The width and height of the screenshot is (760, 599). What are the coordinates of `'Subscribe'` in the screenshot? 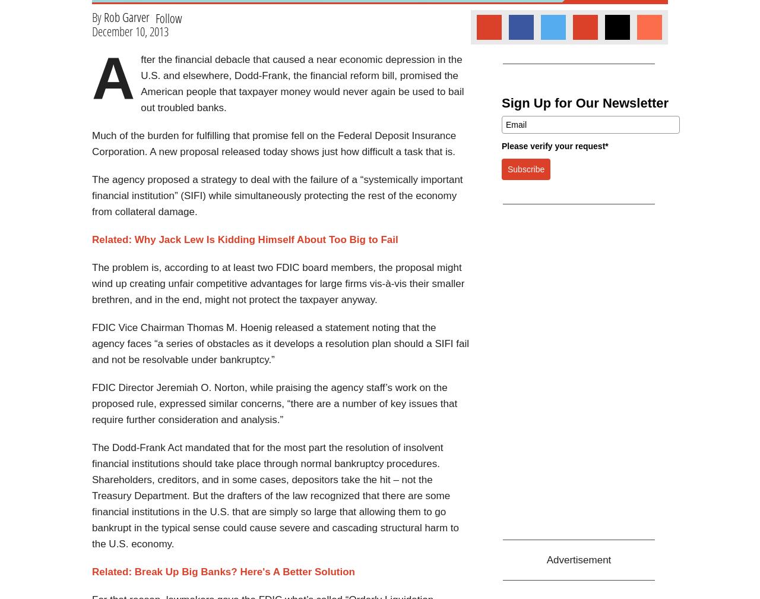 It's located at (508, 169).